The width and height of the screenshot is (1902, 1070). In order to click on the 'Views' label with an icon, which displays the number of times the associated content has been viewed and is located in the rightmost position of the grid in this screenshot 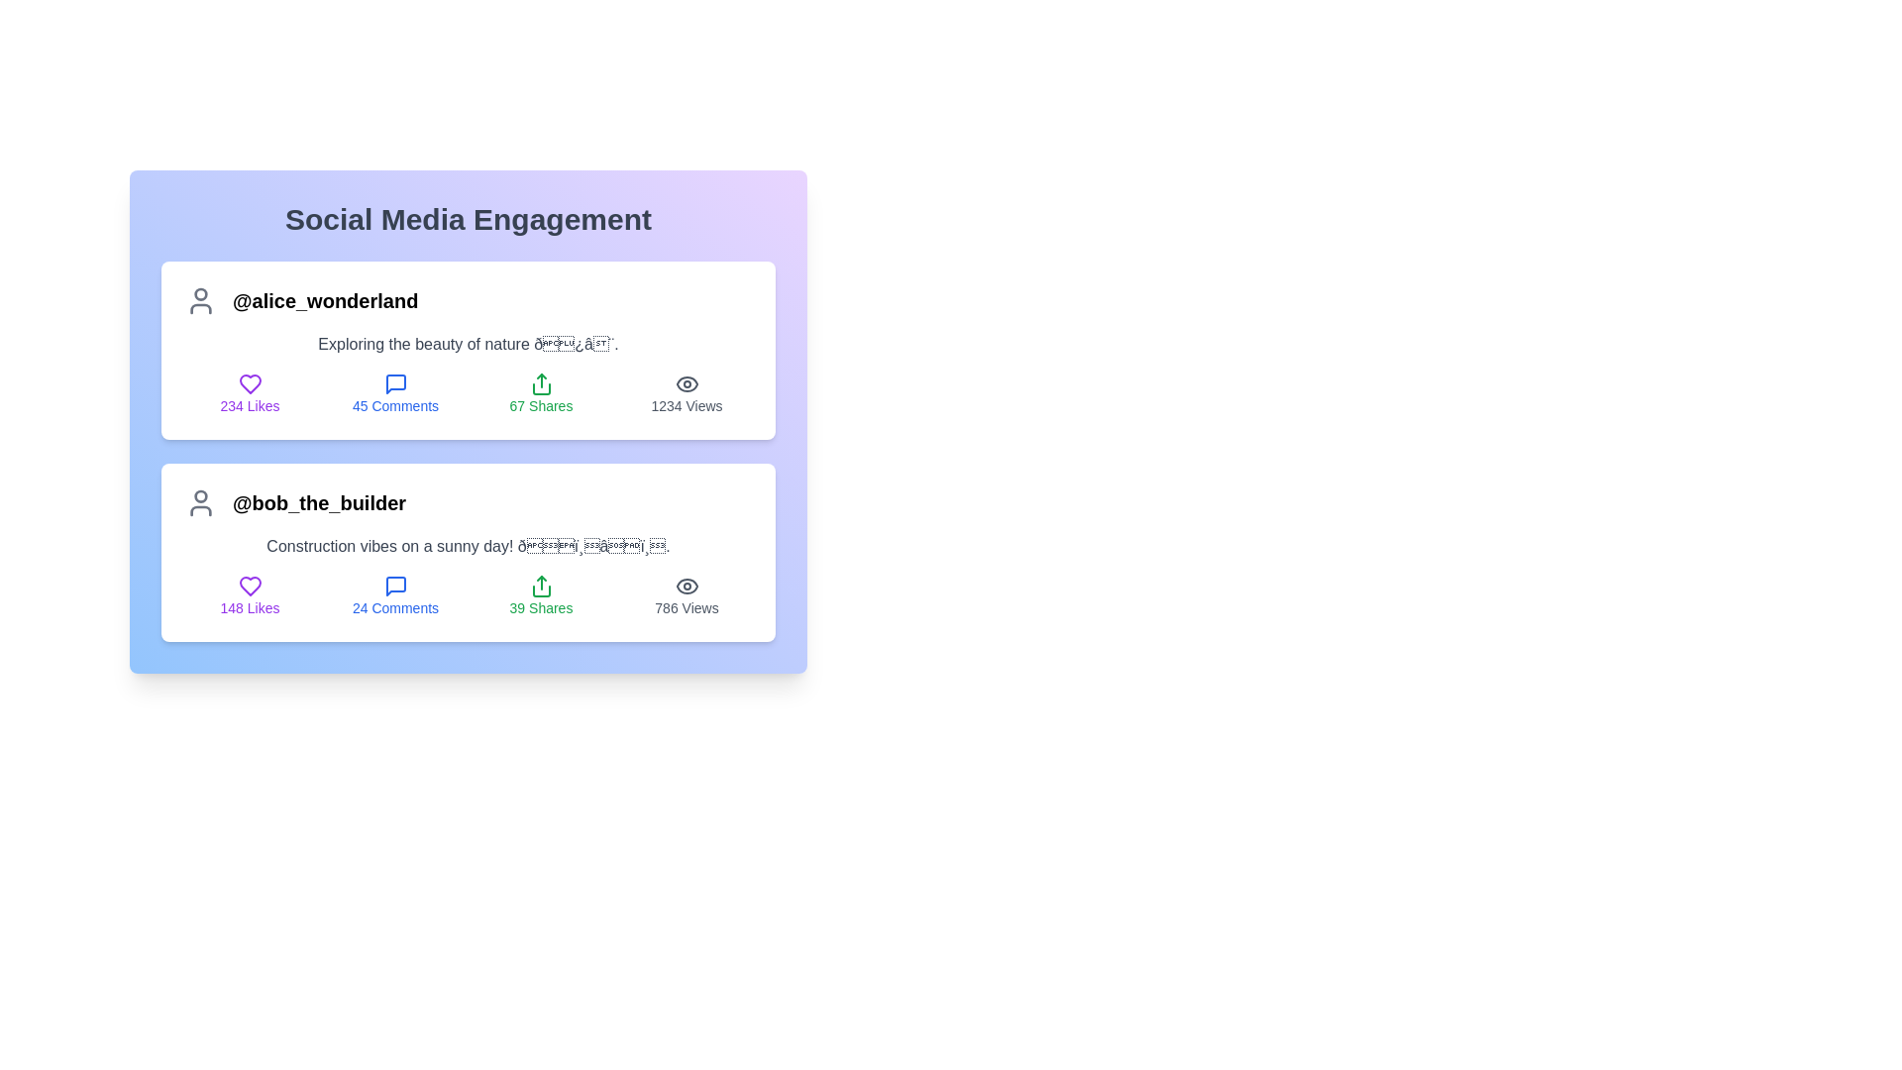, I will do `click(687, 393)`.